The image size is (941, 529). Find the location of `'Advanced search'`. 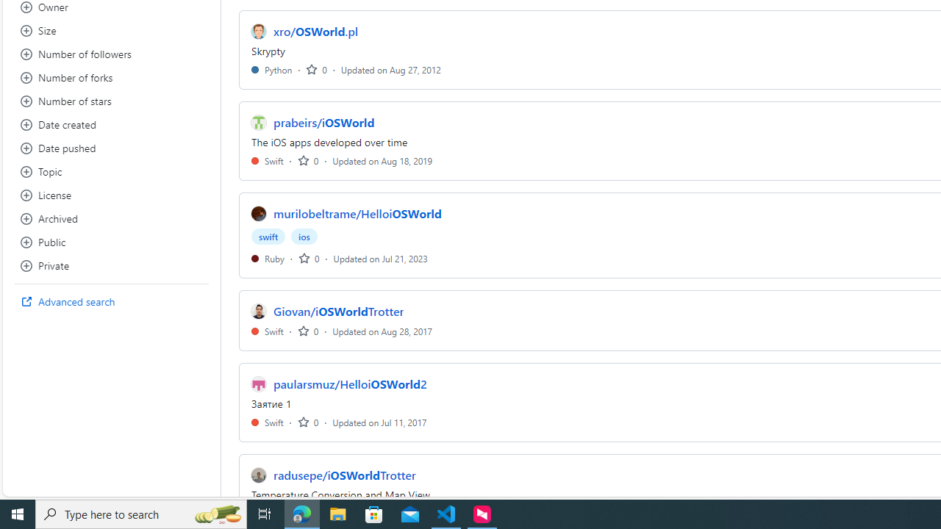

'Advanced search' is located at coordinates (111, 301).